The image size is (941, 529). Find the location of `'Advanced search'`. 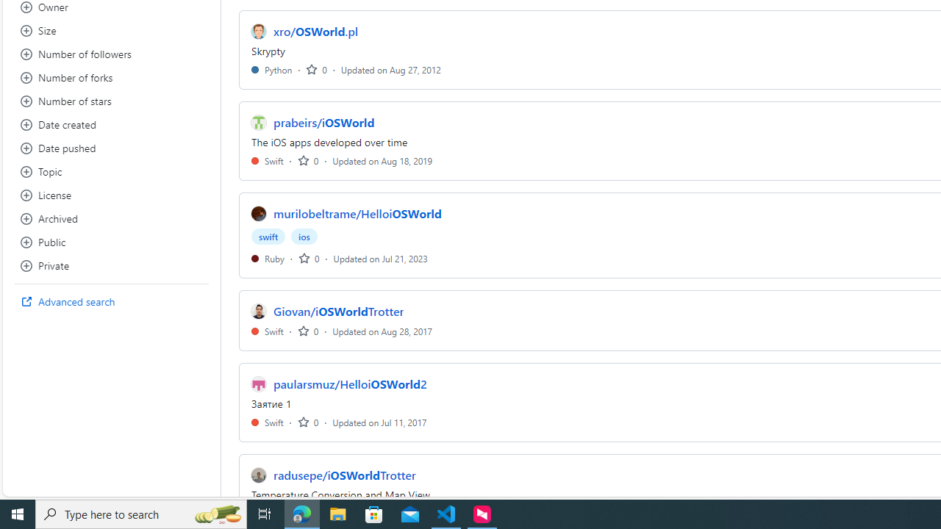

'Advanced search' is located at coordinates (111, 301).